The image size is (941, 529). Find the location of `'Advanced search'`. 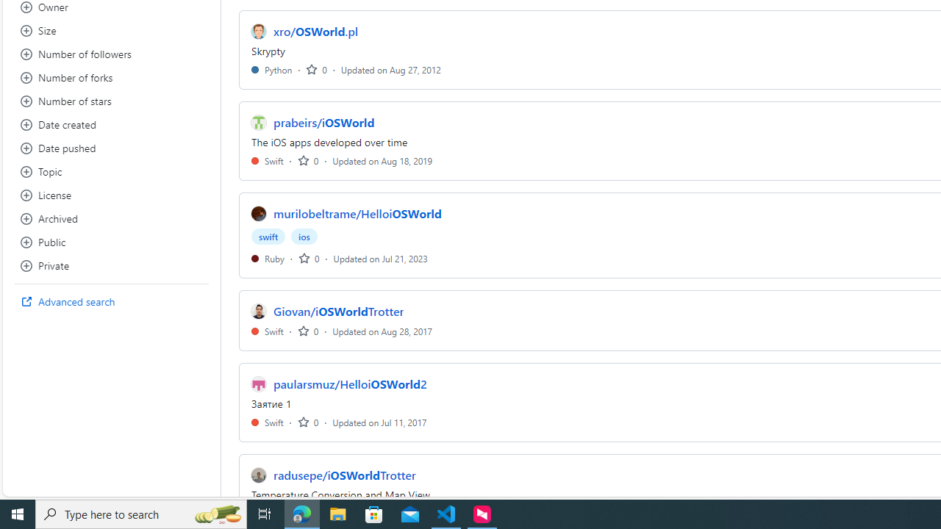

'Advanced search' is located at coordinates (111, 301).